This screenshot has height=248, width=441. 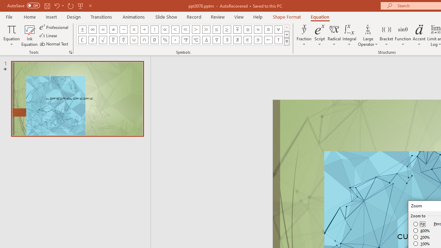 What do you see at coordinates (185, 40) in the screenshot?
I see `'Equation Symbol Degrees Fahrenheit'` at bounding box center [185, 40].